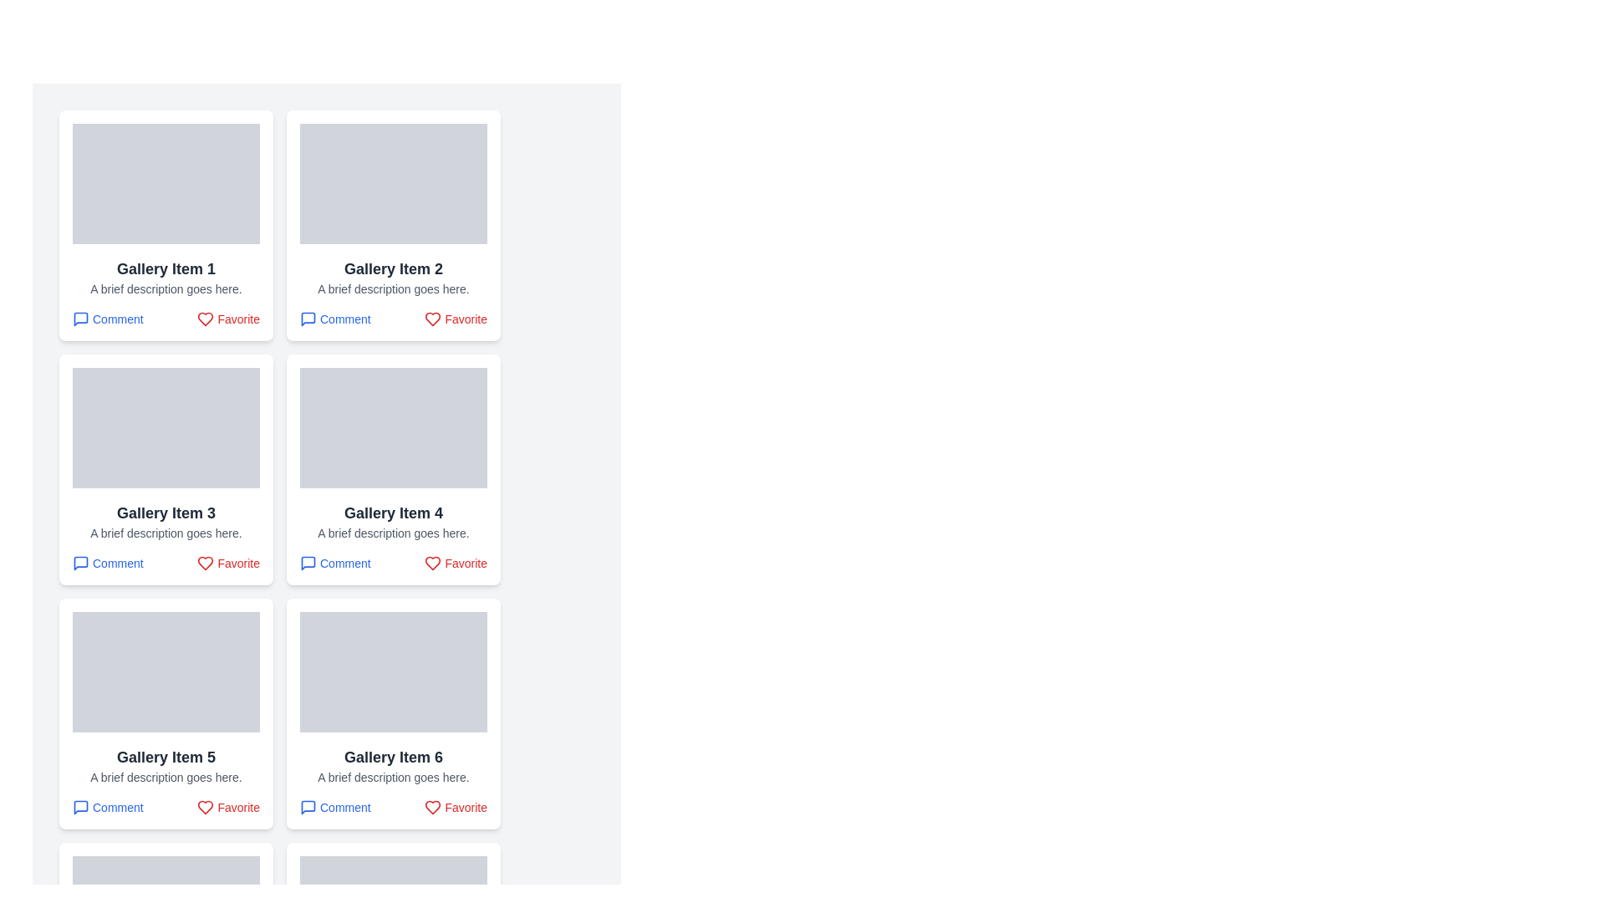 This screenshot has height=903, width=1605. What do you see at coordinates (392, 713) in the screenshot?
I see `the 'Comment' link in the card labeled 'Gallery Item 6', which is styled with a white background and rounded edges` at bounding box center [392, 713].